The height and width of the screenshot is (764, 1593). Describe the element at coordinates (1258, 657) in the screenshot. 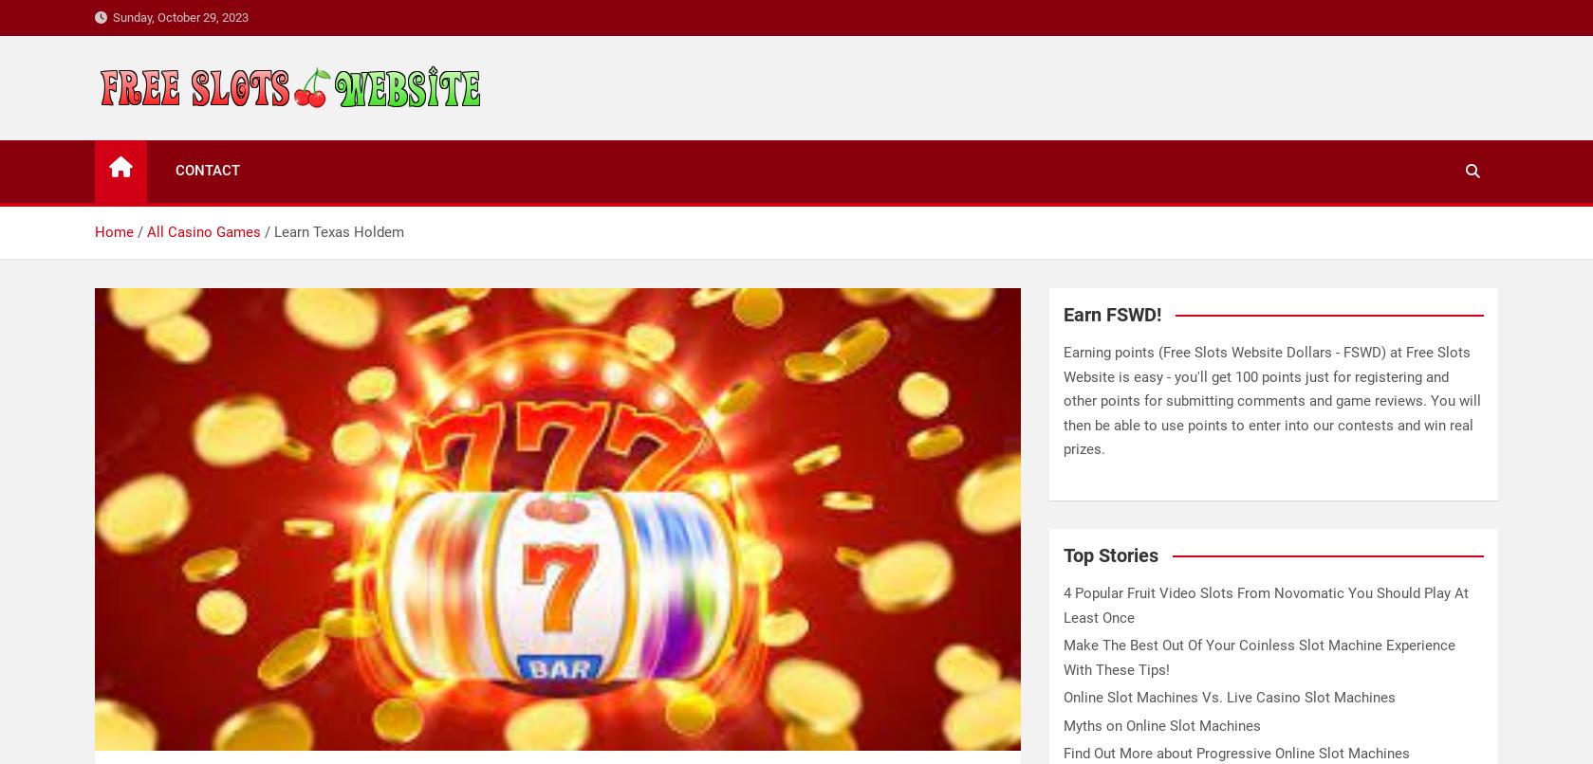

I see `'Make The Best Out Of Your Coinless Slot Machine Experience With These Tips!'` at that location.